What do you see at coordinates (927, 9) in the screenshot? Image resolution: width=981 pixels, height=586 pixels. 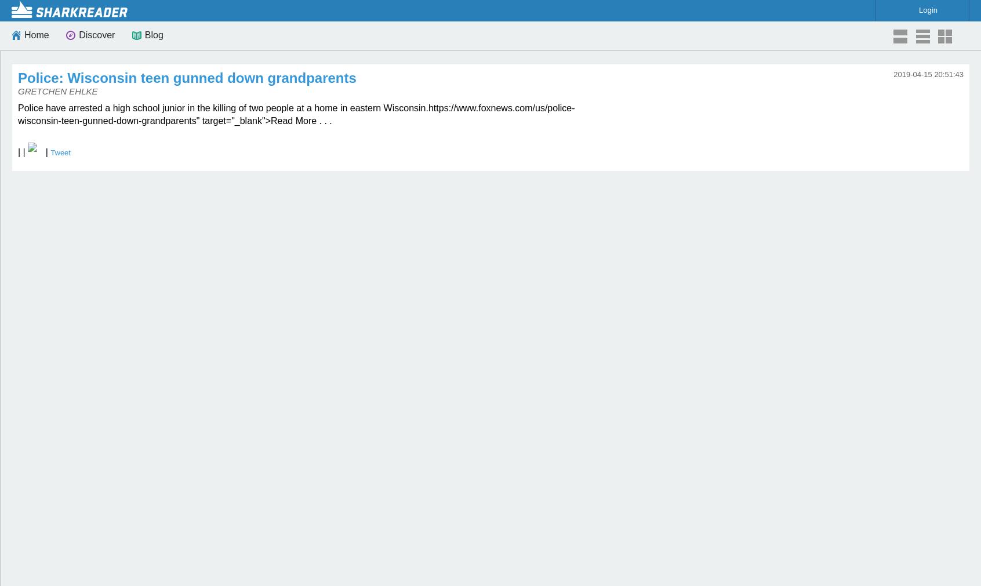 I see `'Login'` at bounding box center [927, 9].